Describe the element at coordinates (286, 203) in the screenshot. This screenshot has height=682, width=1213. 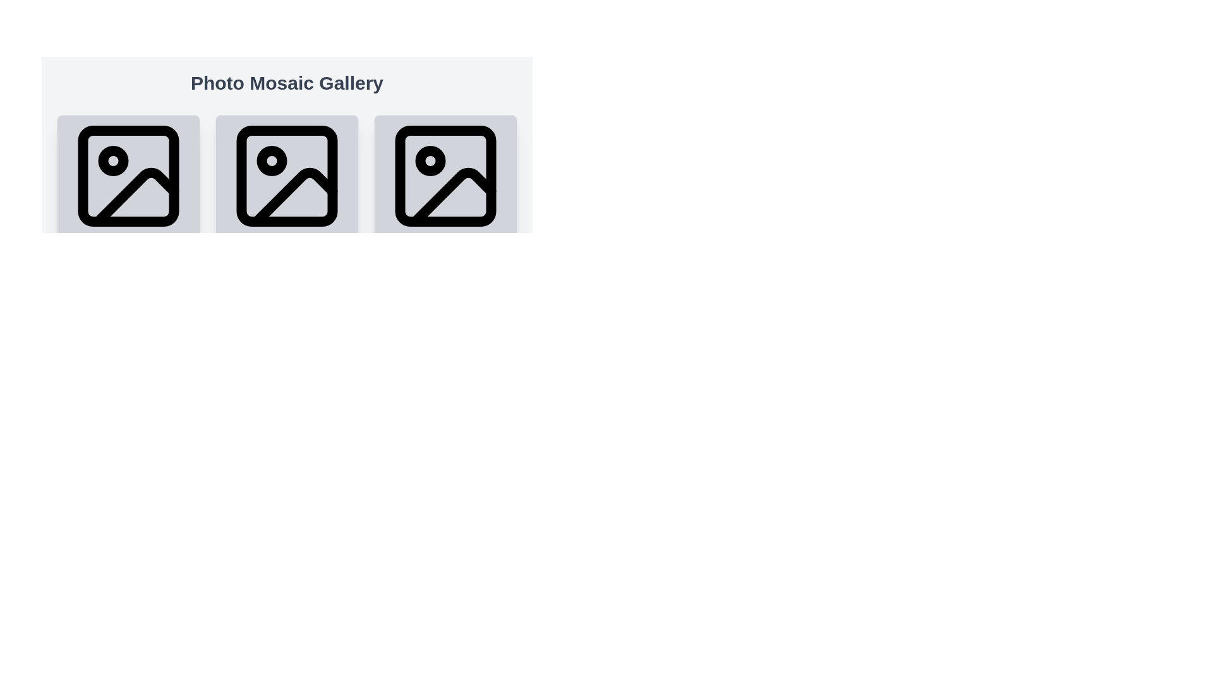
I see `the Image Card which is the second card in the grid layout, featuring a photo icon in the center` at that location.